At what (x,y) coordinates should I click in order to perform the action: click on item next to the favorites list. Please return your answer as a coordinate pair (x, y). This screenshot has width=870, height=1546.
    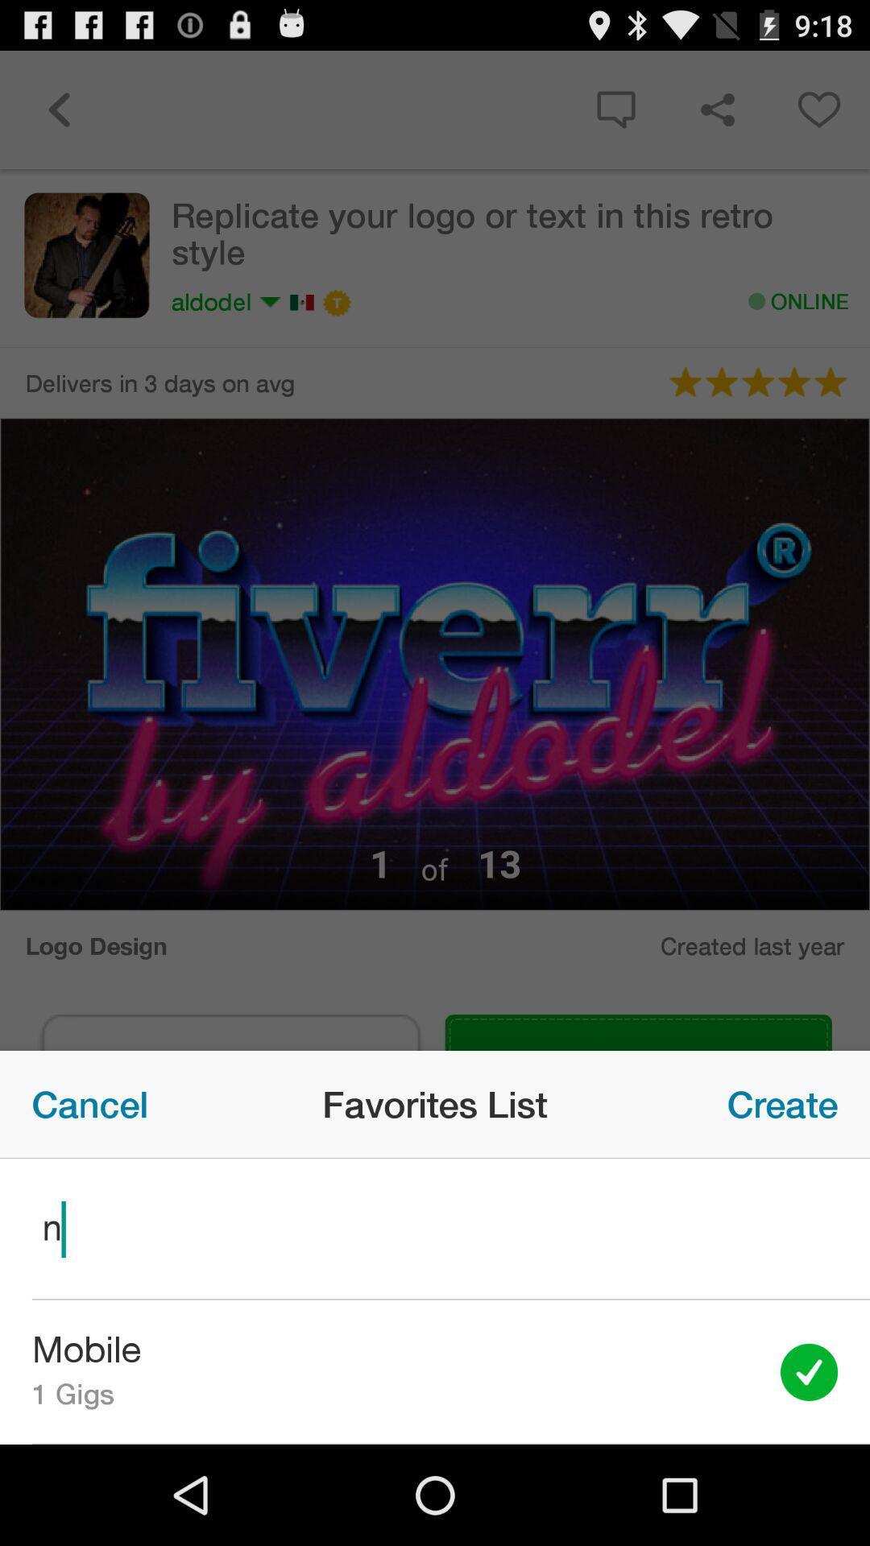
    Looking at the image, I should click on (89, 1103).